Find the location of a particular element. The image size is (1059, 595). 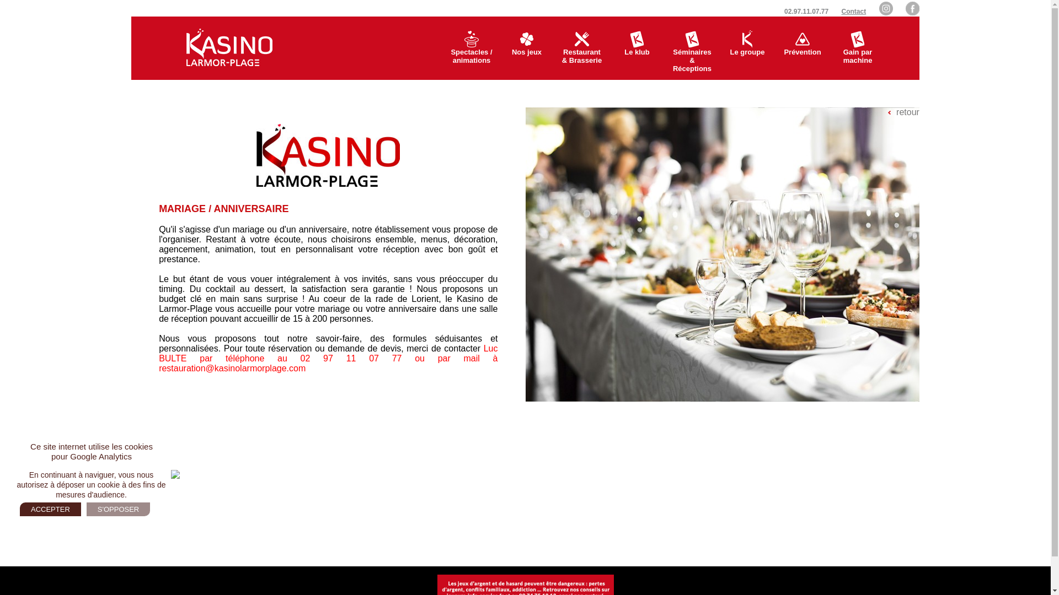

'S'OPPOSER' is located at coordinates (86, 509).